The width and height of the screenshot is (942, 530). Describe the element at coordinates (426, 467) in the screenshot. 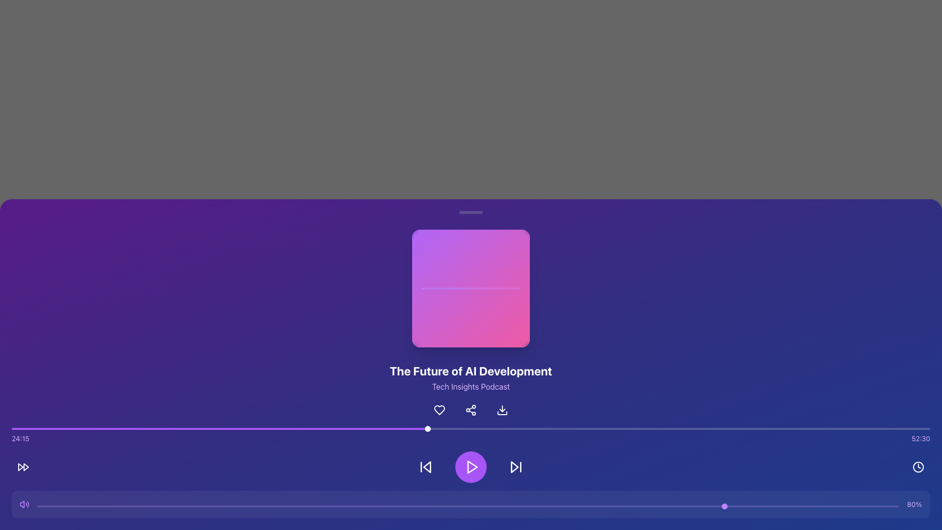

I see `the skip-backward button, which is a circular button with a left-pointing triangle and vertical bar, located to the left of the central play button` at that location.